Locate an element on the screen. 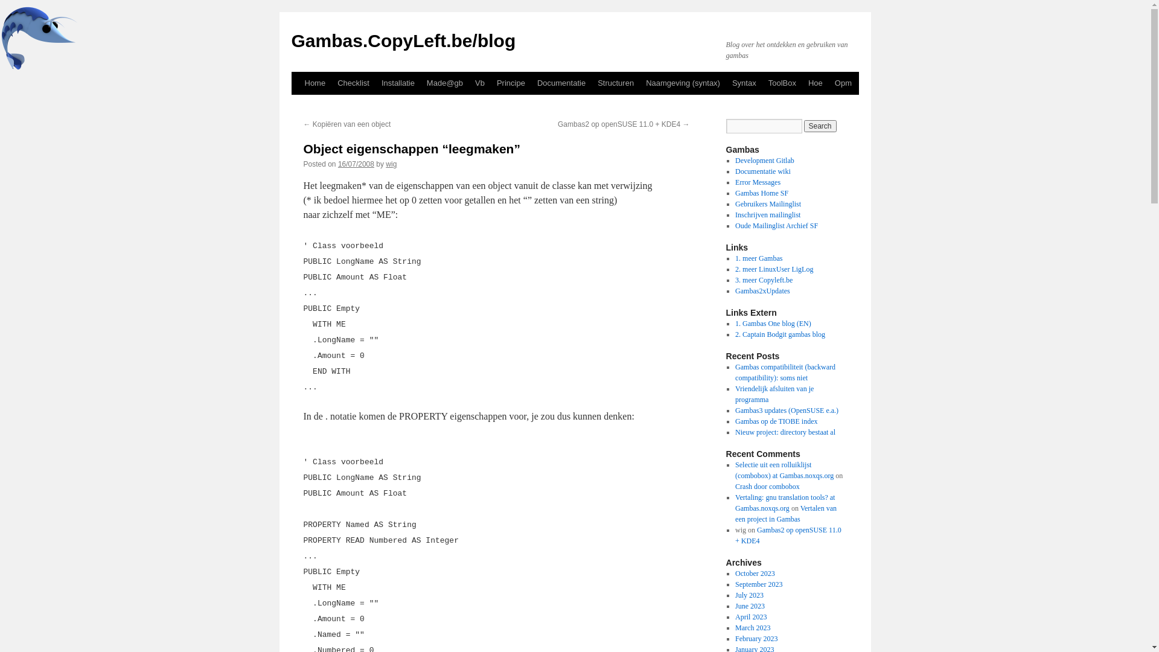 This screenshot has height=652, width=1159. 'ToolBox' is located at coordinates (782, 83).